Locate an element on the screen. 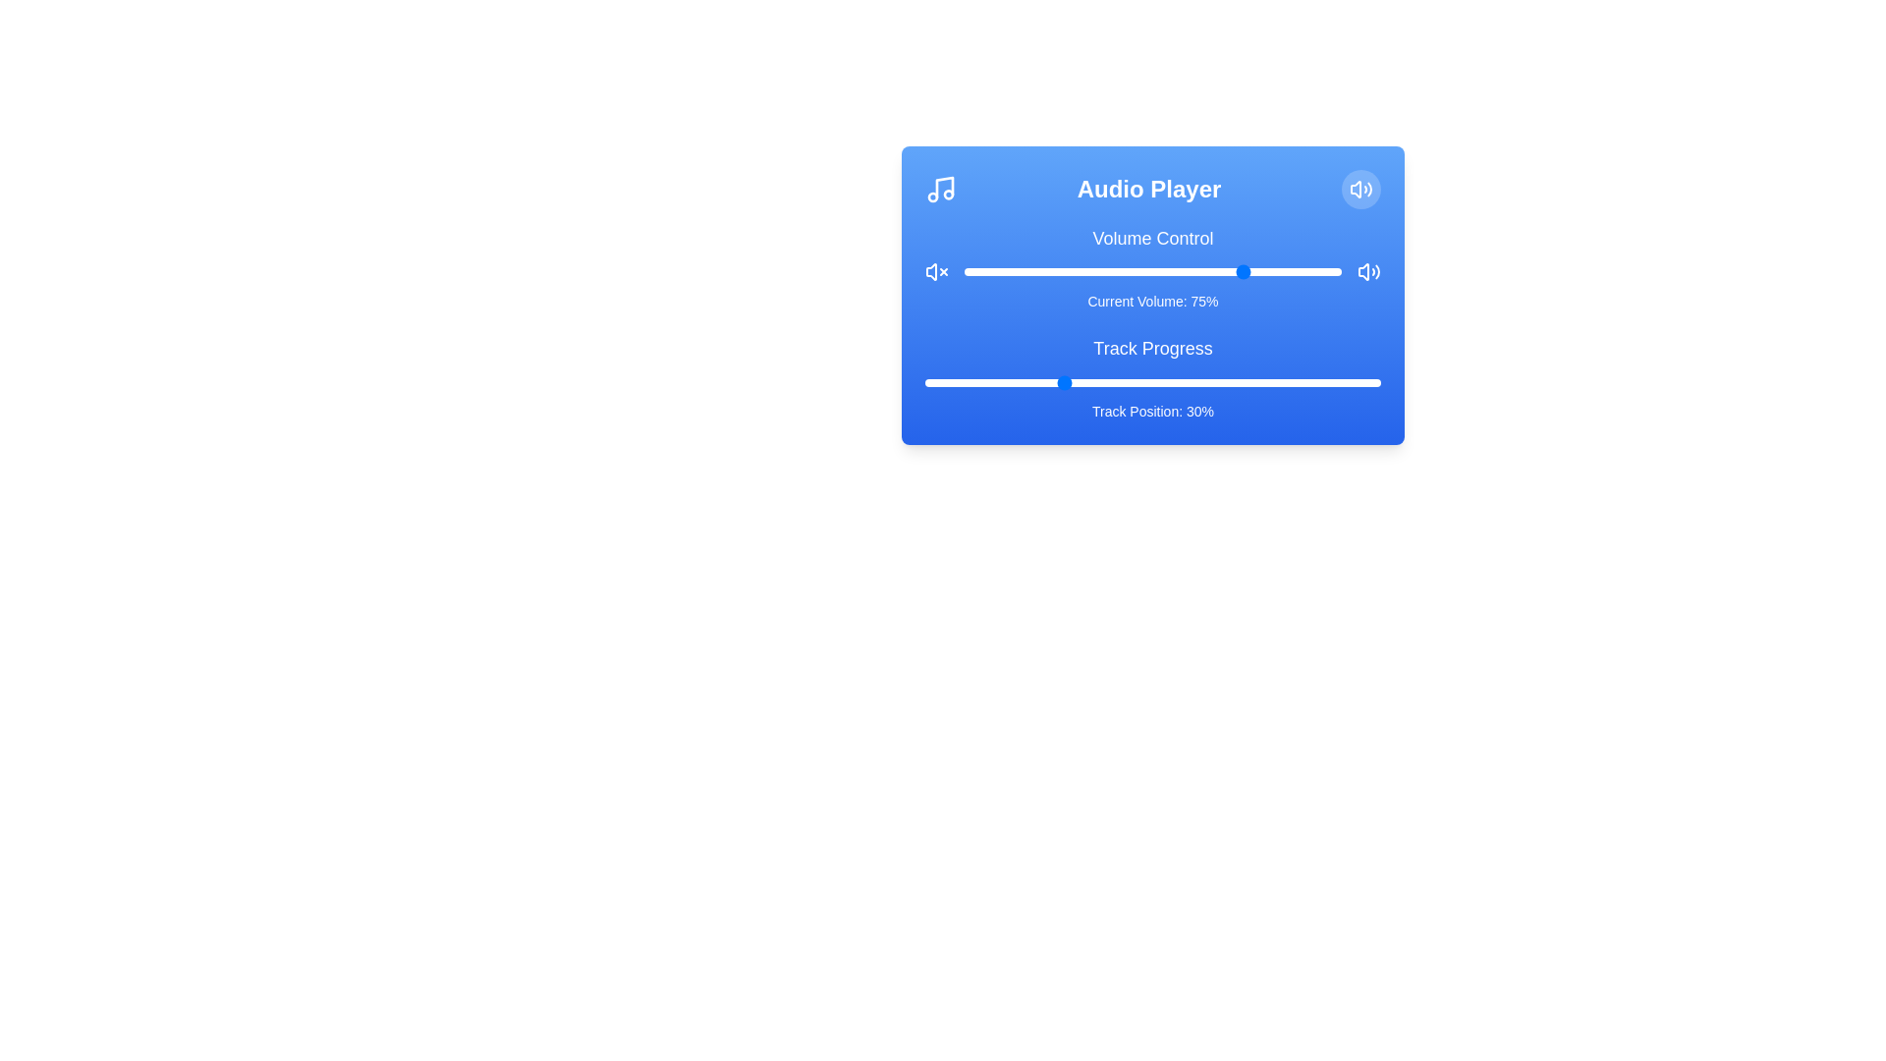 This screenshot has width=1886, height=1061. volume is located at coordinates (1058, 268).